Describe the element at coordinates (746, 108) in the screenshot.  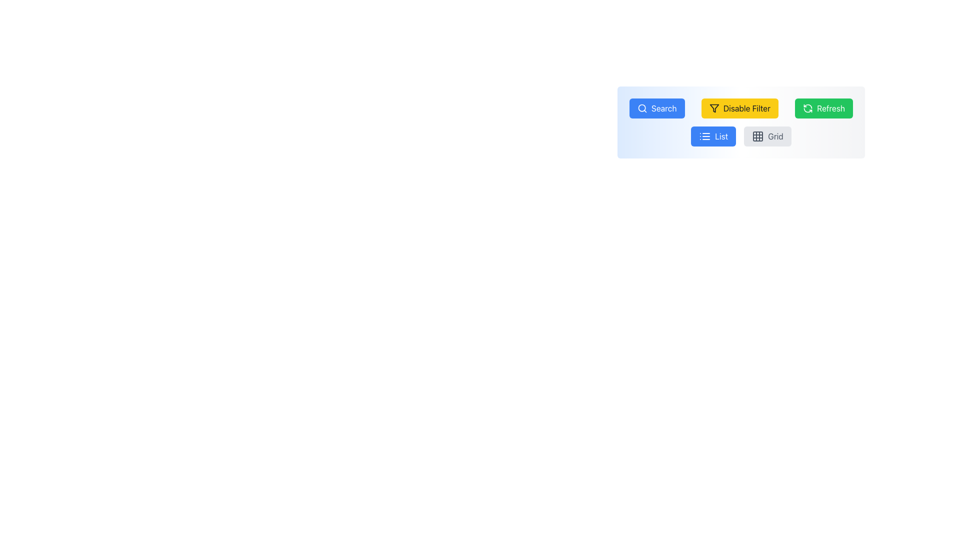
I see `the 'Disable Filter' button which contains the text in bold on a yellow background, located at the top-right corner of the interface` at that location.